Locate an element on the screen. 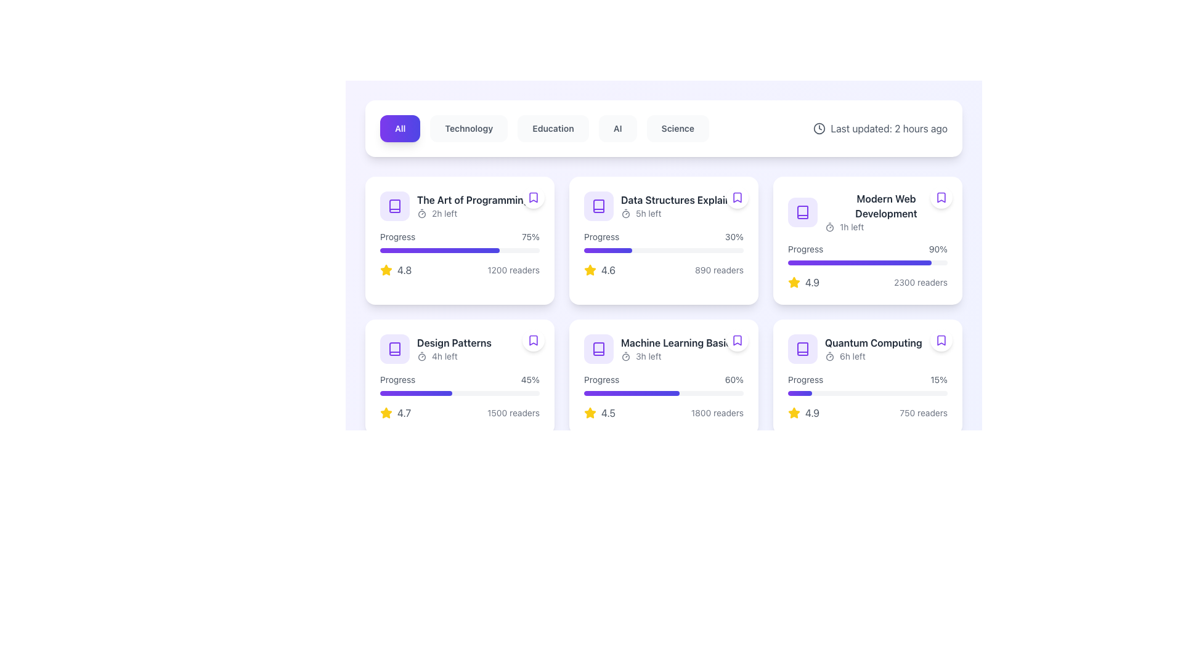 This screenshot has height=665, width=1183. text displayed in the title label of the top-left card in the grid layout, which is positioned above the '2h left' label is located at coordinates (473, 199).